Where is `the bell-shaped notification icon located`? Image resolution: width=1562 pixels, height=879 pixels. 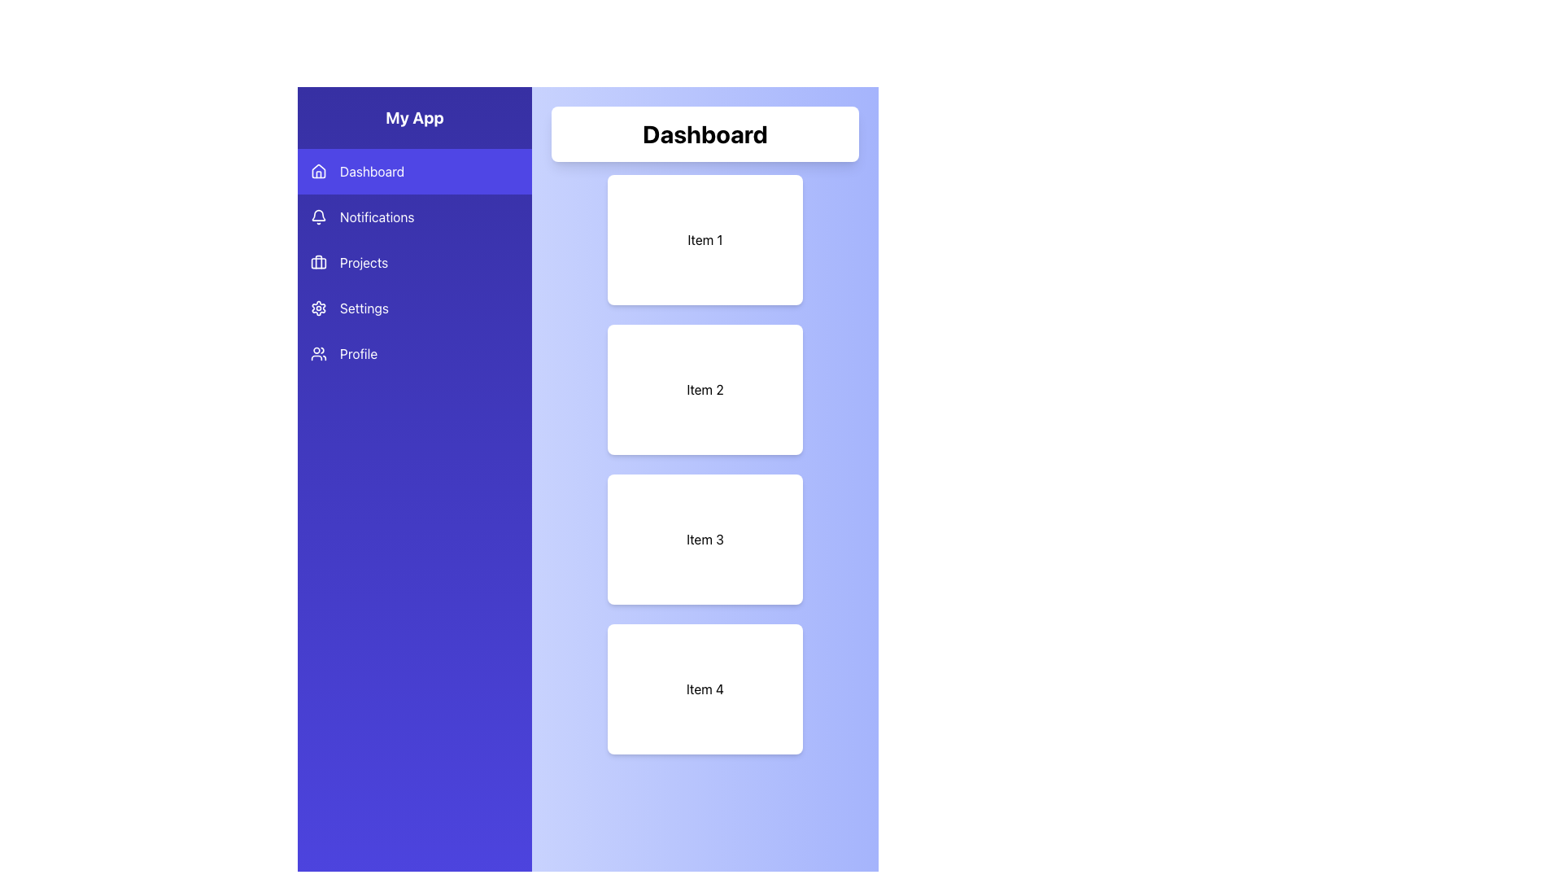
the bell-shaped notification icon located is located at coordinates (319, 213).